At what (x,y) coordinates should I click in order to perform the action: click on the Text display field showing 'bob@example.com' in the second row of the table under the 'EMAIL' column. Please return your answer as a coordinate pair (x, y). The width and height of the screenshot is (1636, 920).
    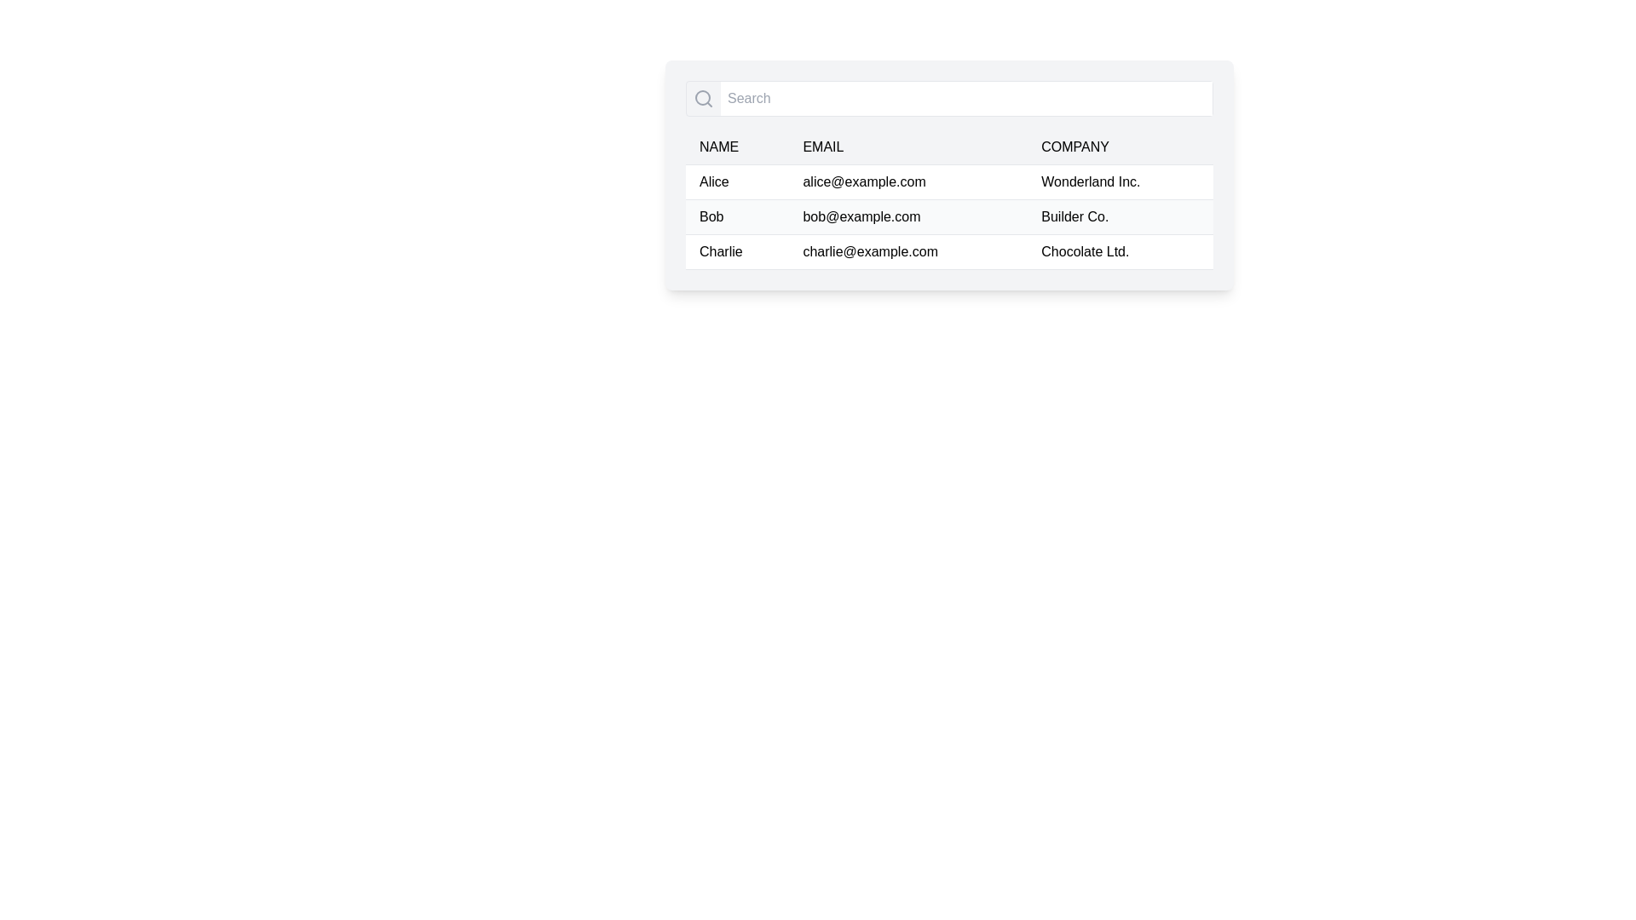
    Looking at the image, I should click on (907, 216).